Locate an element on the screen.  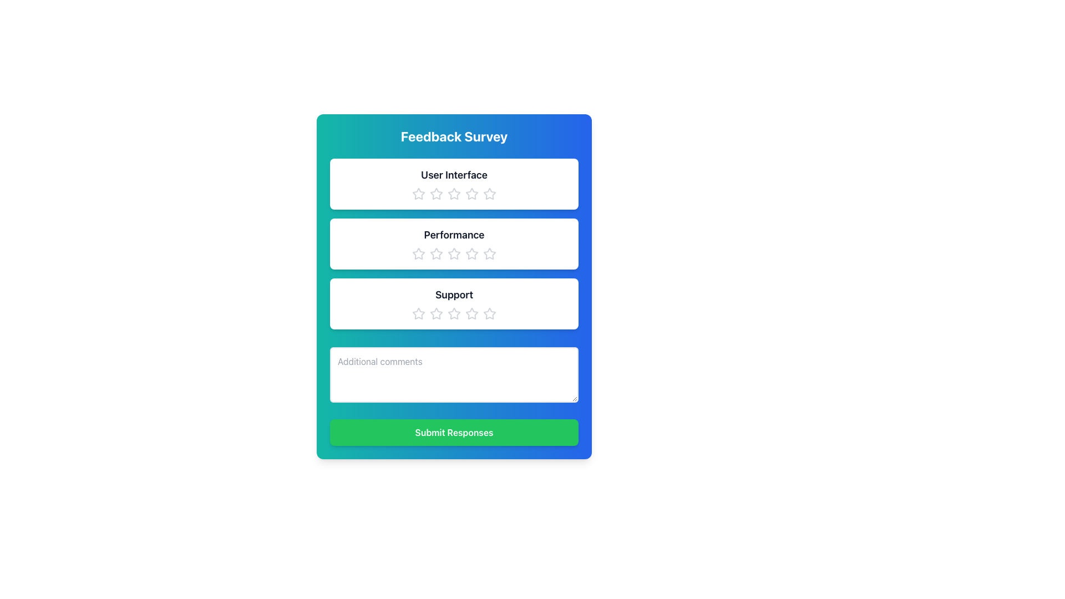
the second star icon in the five-star rating control under the 'Support' section of the feedback survey form is located at coordinates (436, 314).